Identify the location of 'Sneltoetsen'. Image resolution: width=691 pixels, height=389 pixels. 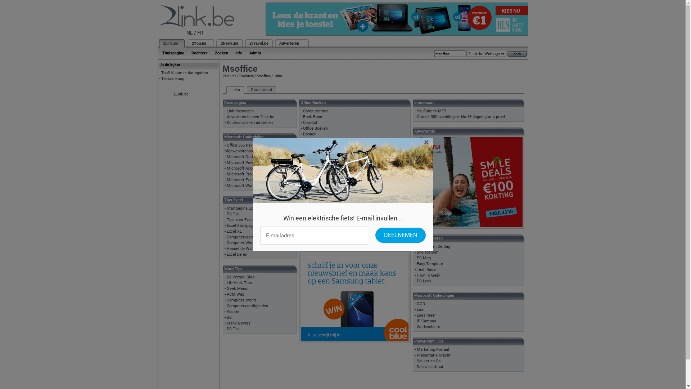
(416, 252).